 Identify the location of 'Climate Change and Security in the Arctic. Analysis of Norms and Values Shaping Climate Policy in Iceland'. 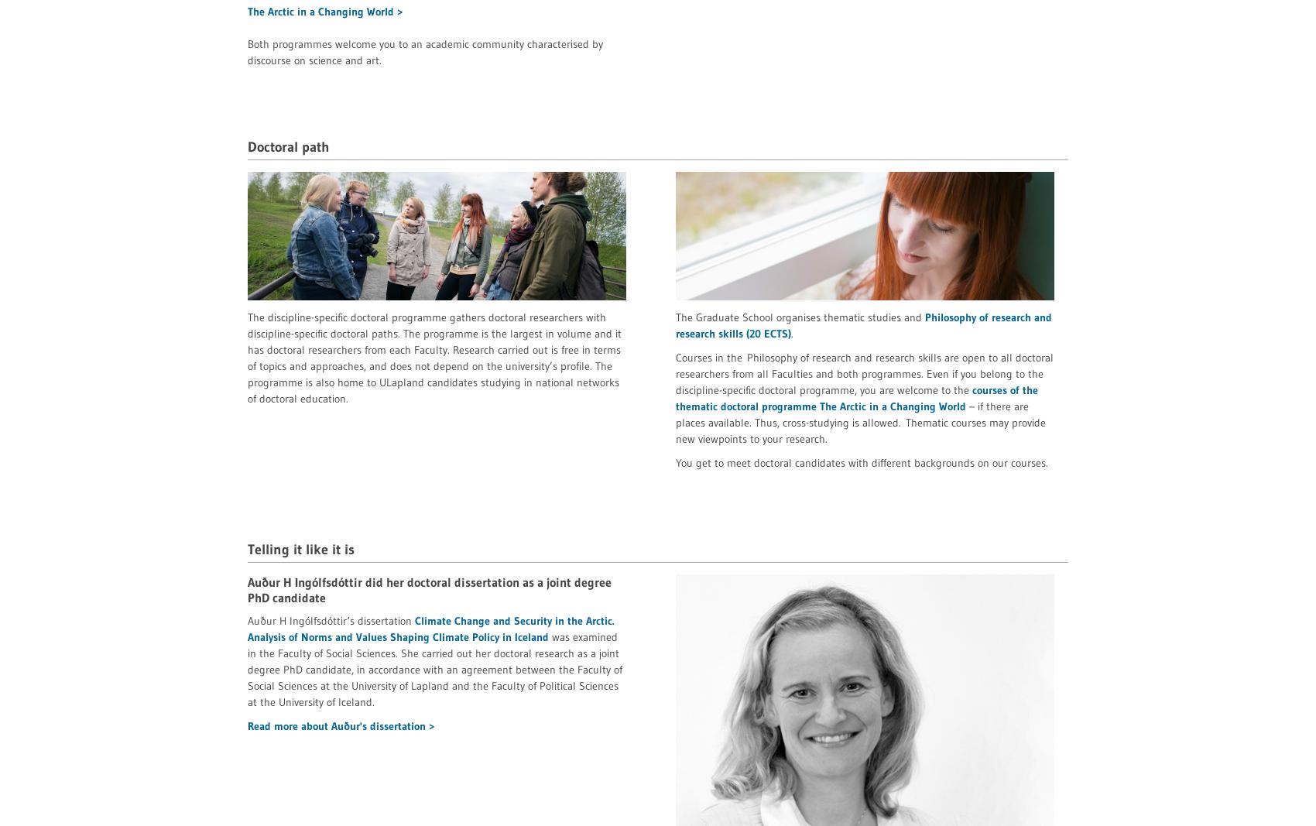
(430, 627).